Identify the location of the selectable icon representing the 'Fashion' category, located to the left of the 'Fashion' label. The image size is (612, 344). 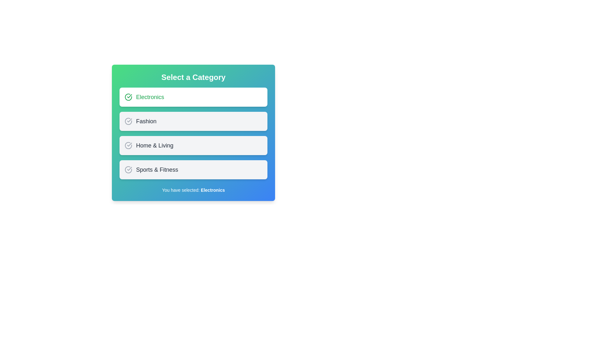
(128, 121).